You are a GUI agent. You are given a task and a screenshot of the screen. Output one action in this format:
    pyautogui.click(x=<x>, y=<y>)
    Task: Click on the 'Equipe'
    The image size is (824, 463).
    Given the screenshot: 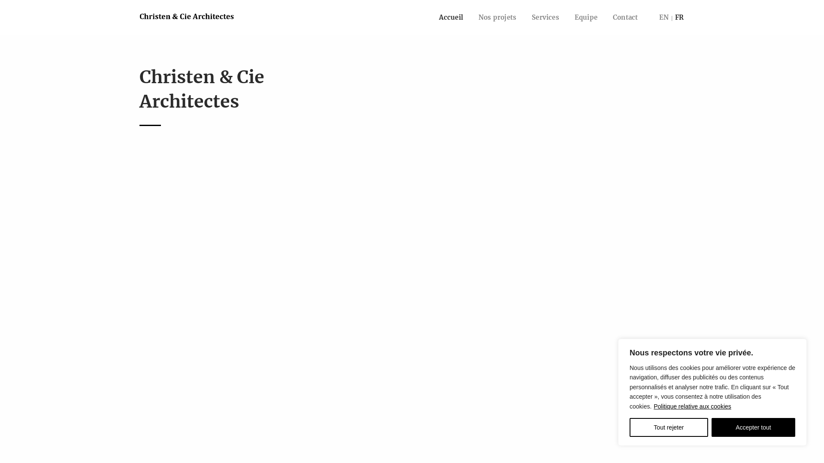 What is the action you would take?
    pyautogui.click(x=566, y=17)
    